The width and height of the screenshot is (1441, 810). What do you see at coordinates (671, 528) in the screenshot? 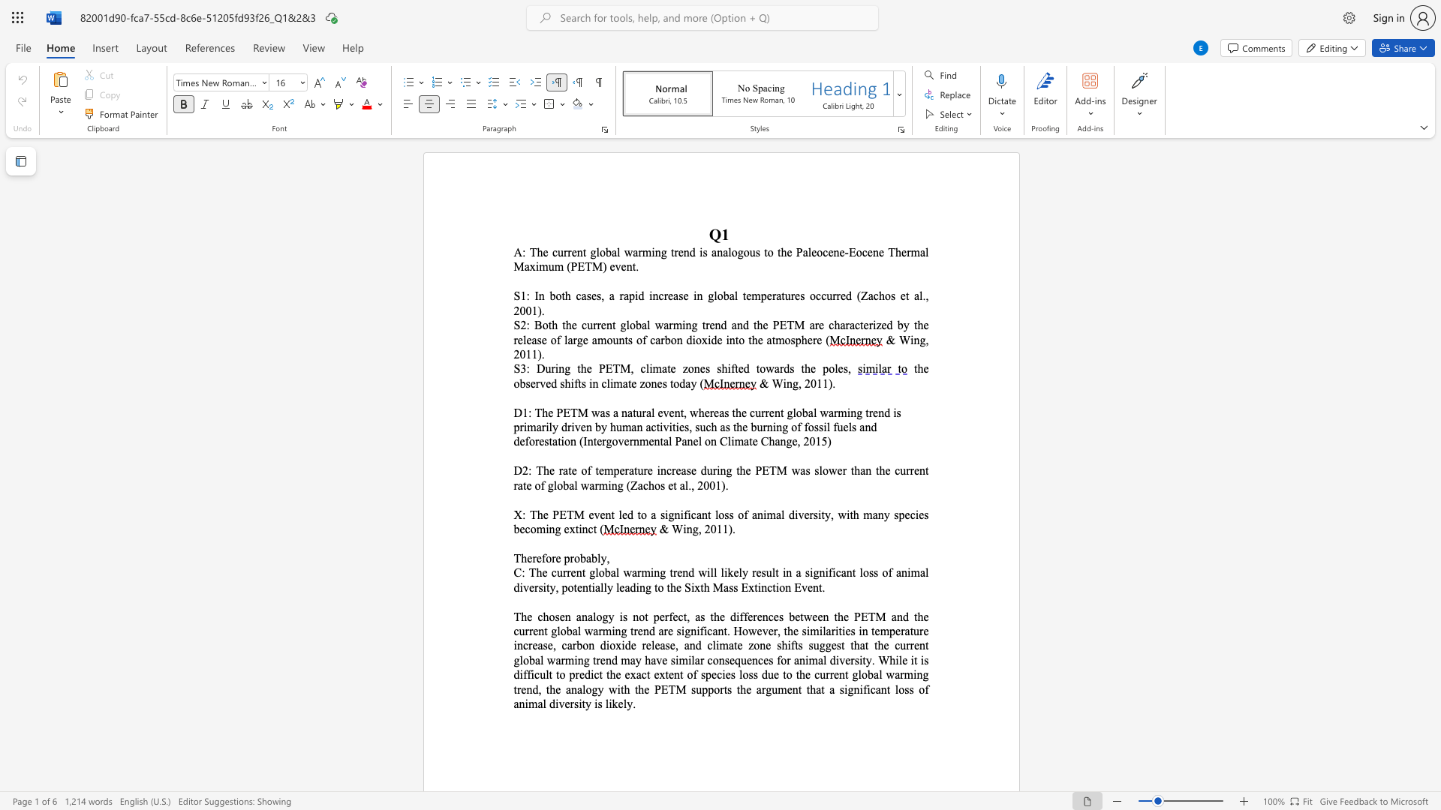
I see `the subset text "Wing" within the text "& Wing, 2011)."` at bounding box center [671, 528].